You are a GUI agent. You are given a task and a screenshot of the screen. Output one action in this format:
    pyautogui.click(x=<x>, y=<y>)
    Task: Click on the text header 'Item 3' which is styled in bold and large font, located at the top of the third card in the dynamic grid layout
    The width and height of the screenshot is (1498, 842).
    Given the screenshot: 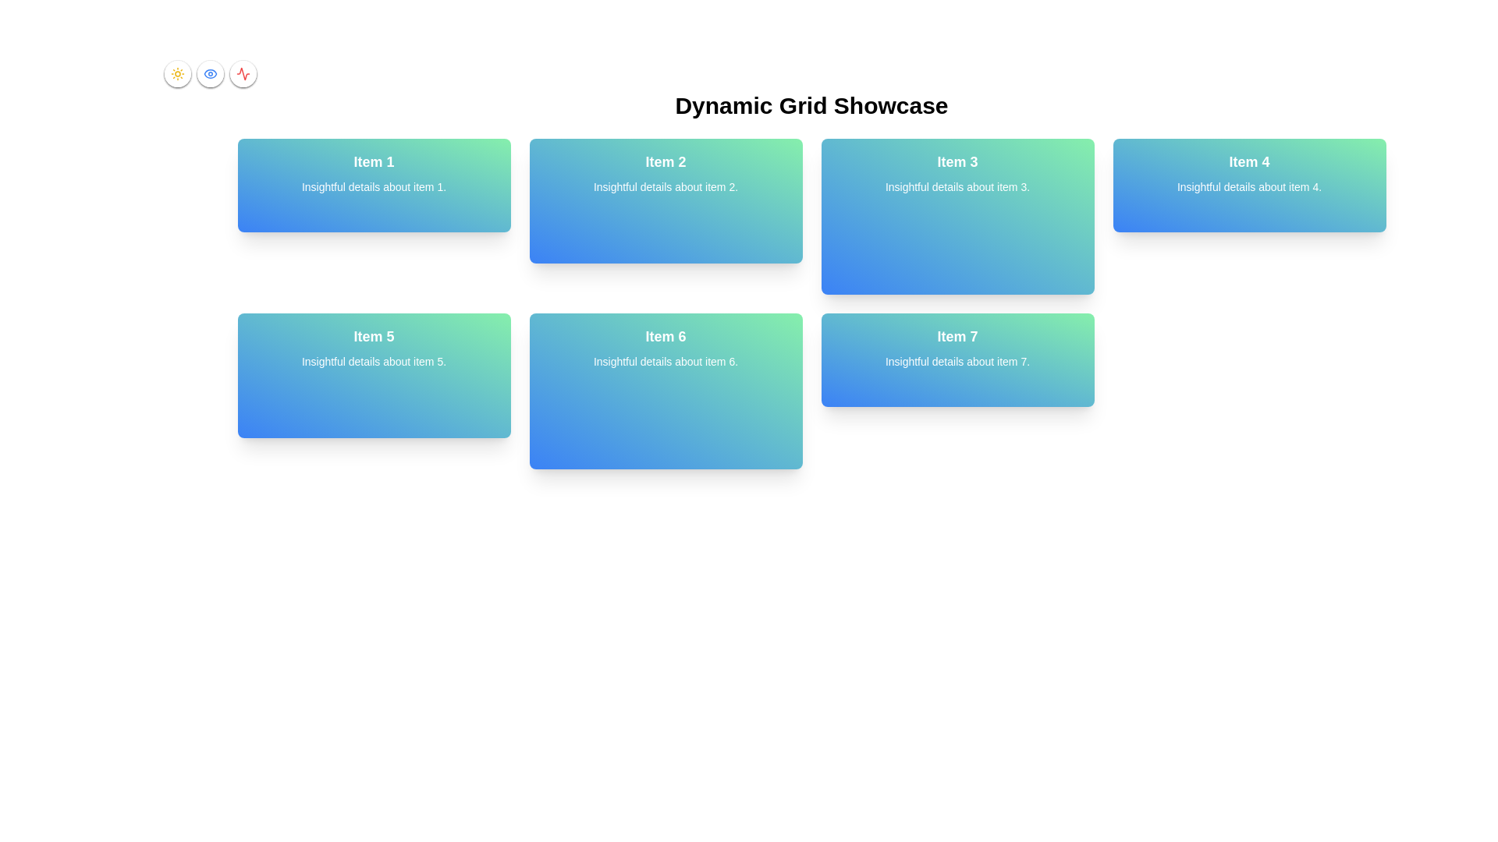 What is the action you would take?
    pyautogui.click(x=957, y=162)
    